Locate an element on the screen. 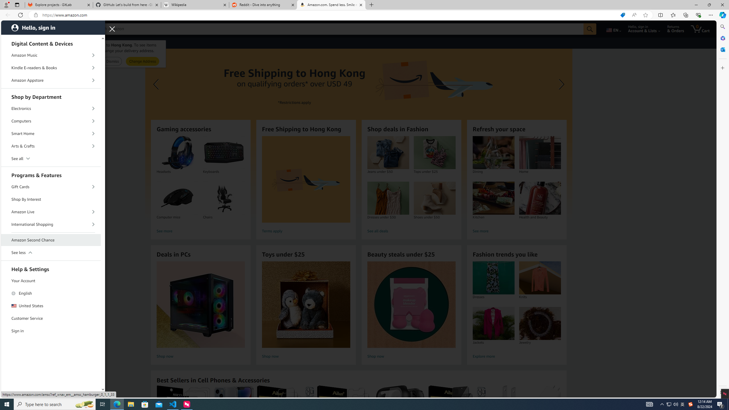 This screenshot has height=410, width=729. 'English' is located at coordinates (51, 293).